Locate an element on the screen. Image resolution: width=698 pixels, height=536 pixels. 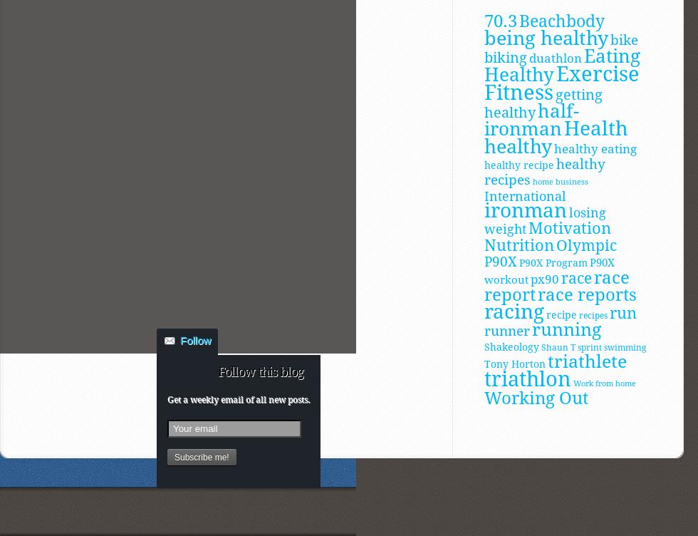
'px90' is located at coordinates (544, 278).